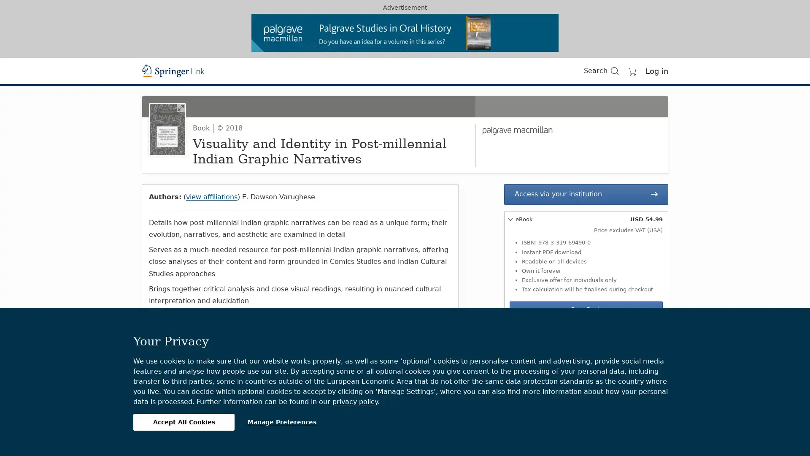  What do you see at coordinates (632, 70) in the screenshot?
I see `Go to cart` at bounding box center [632, 70].